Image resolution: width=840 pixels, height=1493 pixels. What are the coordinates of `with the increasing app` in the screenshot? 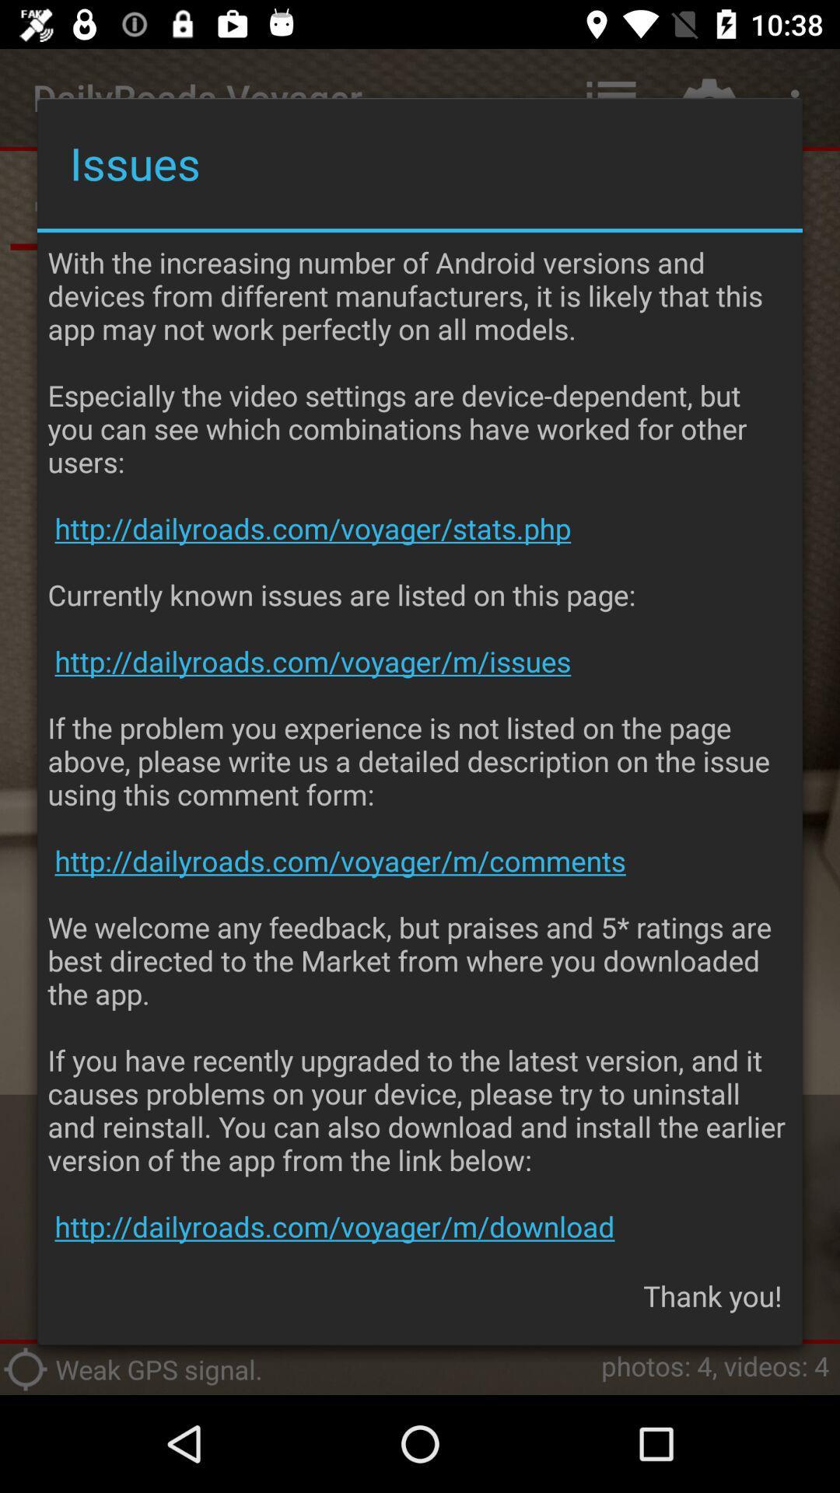 It's located at (420, 743).